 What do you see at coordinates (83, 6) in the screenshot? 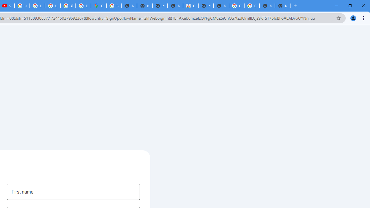
I see `'Explore new street-level details - Google Maps Help'` at bounding box center [83, 6].